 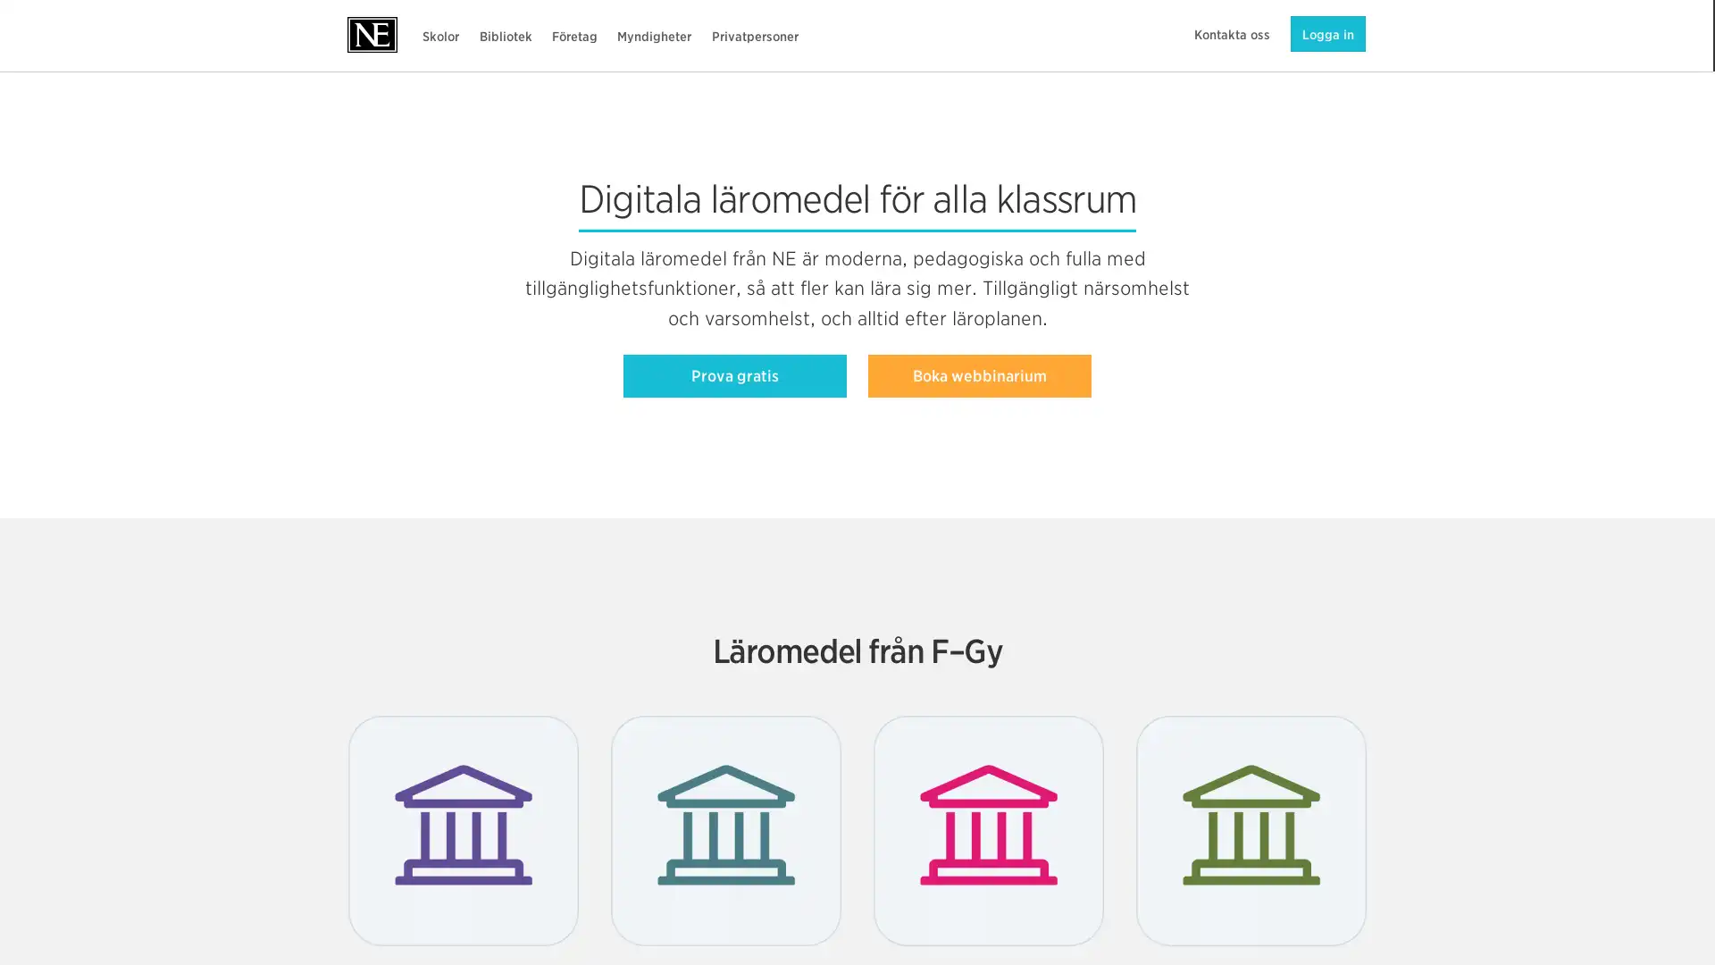 I want to click on Settings, so click(x=1294, y=898).